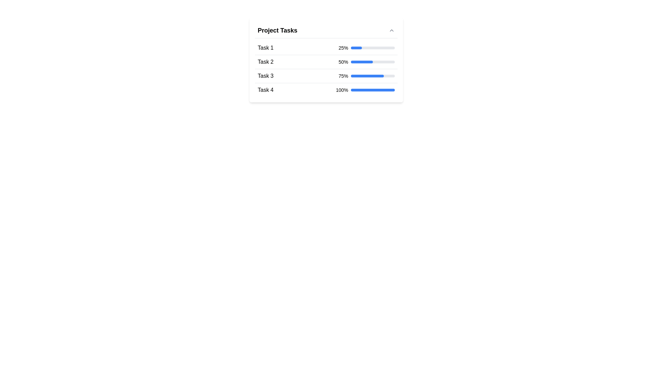 This screenshot has height=370, width=658. What do you see at coordinates (326, 59) in the screenshot?
I see `the second task labeled 'Task 2' with a completion of 50% in the 'Project Tasks' section, which is displayed within a white card component` at bounding box center [326, 59].